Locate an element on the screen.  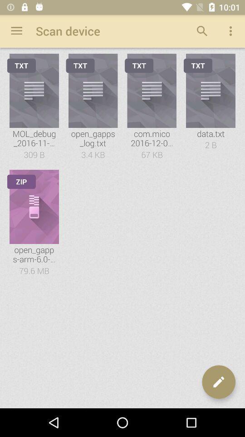
icon below 2 b item is located at coordinates (218, 382).